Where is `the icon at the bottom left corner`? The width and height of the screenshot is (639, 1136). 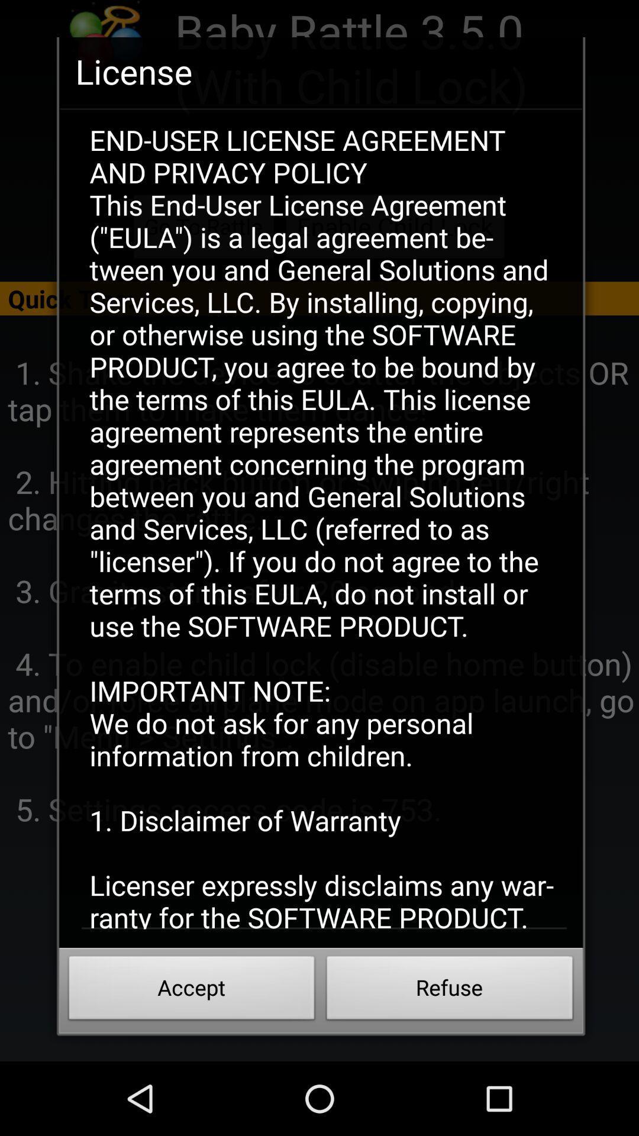 the icon at the bottom left corner is located at coordinates (191, 991).